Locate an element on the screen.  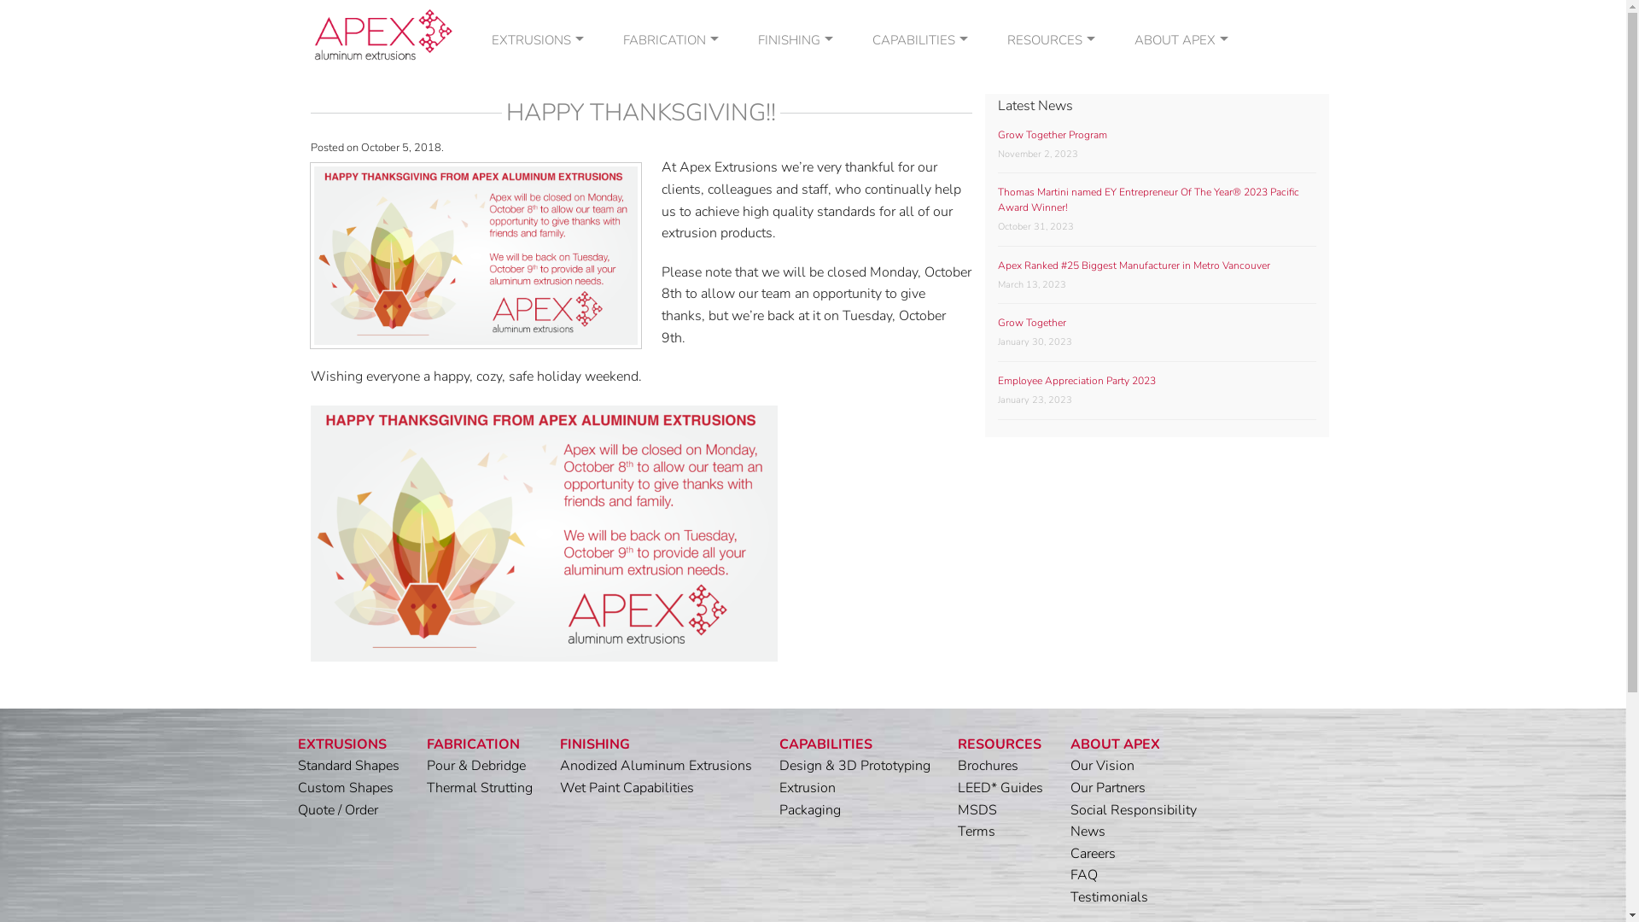
'Design & 3D Prototyping' is located at coordinates (854, 765).